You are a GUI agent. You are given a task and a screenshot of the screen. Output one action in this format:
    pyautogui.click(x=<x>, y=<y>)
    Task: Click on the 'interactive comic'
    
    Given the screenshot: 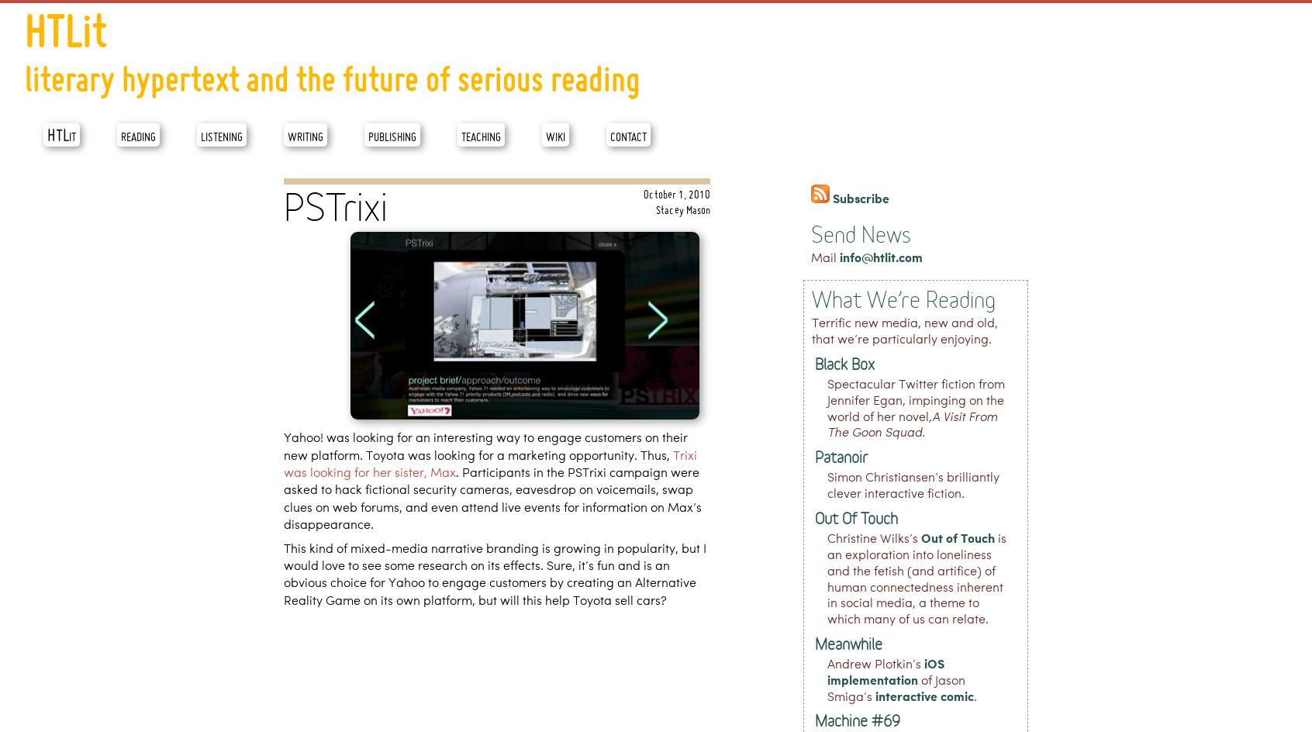 What is the action you would take?
    pyautogui.click(x=924, y=696)
    